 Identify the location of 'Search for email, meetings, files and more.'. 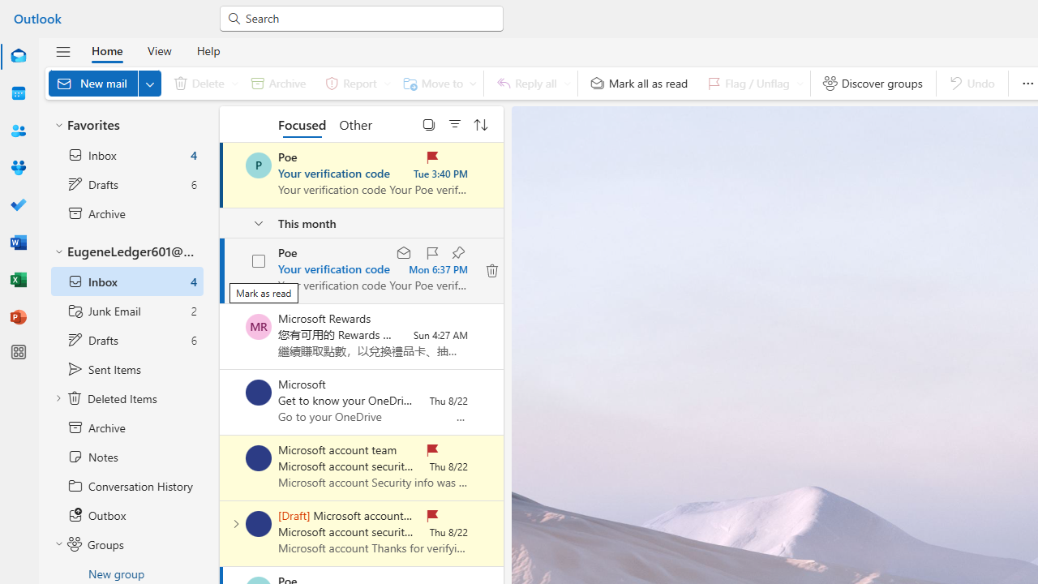
(368, 17).